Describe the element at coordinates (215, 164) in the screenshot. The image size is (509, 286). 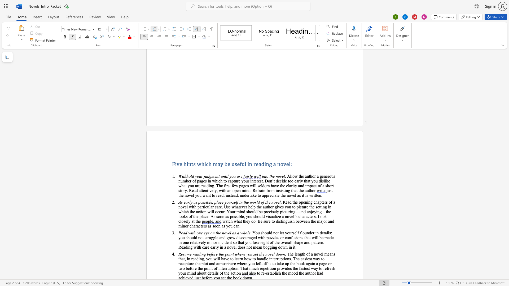
I see `the 1th character "m" in the text` at that location.